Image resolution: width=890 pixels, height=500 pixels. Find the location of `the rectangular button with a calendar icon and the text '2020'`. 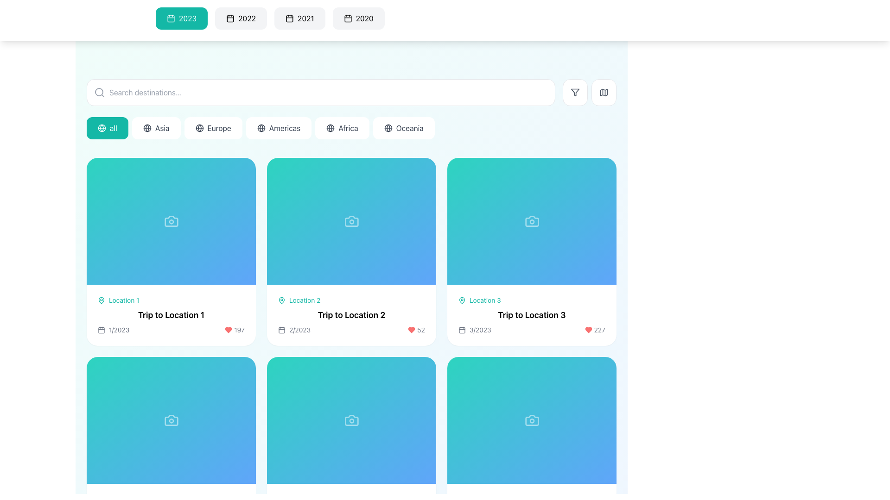

the rectangular button with a calendar icon and the text '2020' is located at coordinates (358, 18).